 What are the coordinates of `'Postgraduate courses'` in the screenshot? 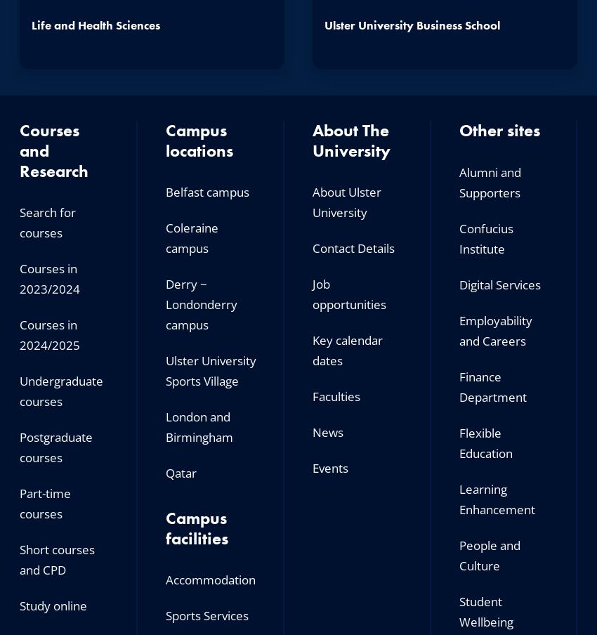 It's located at (55, 447).